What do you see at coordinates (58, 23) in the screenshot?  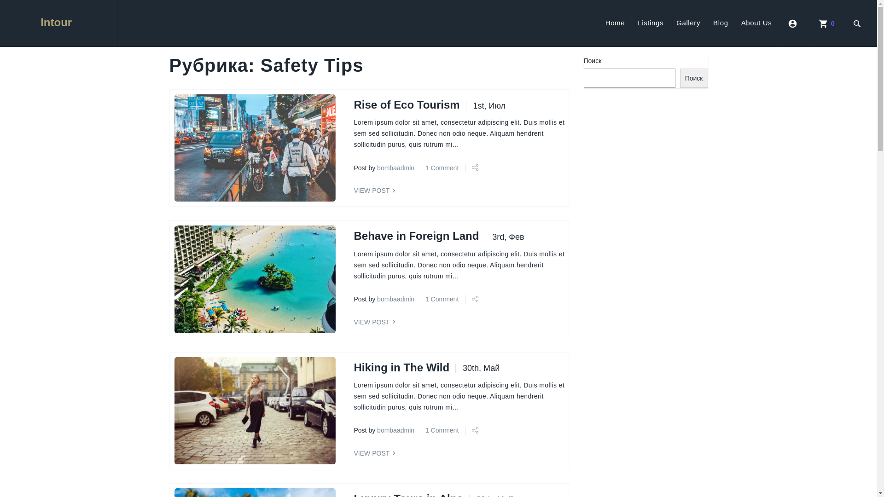 I see `'Intour'` at bounding box center [58, 23].